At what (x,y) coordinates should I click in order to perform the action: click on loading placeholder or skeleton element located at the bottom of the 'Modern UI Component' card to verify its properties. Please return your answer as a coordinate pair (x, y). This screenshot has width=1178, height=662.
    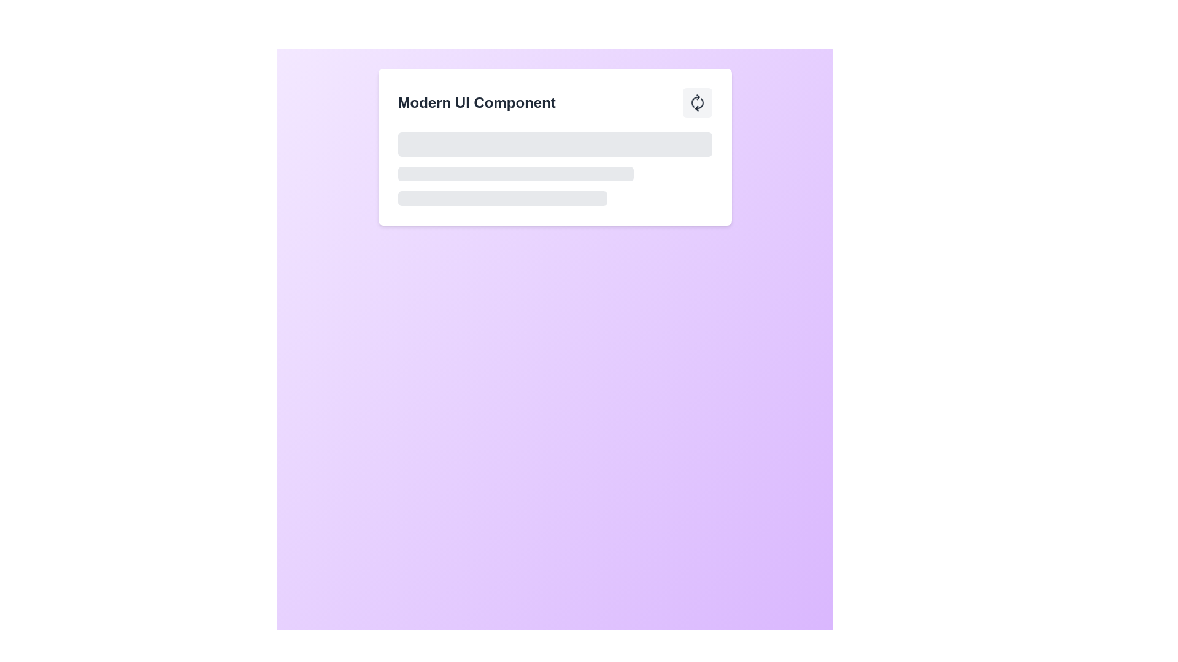
    Looking at the image, I should click on (554, 169).